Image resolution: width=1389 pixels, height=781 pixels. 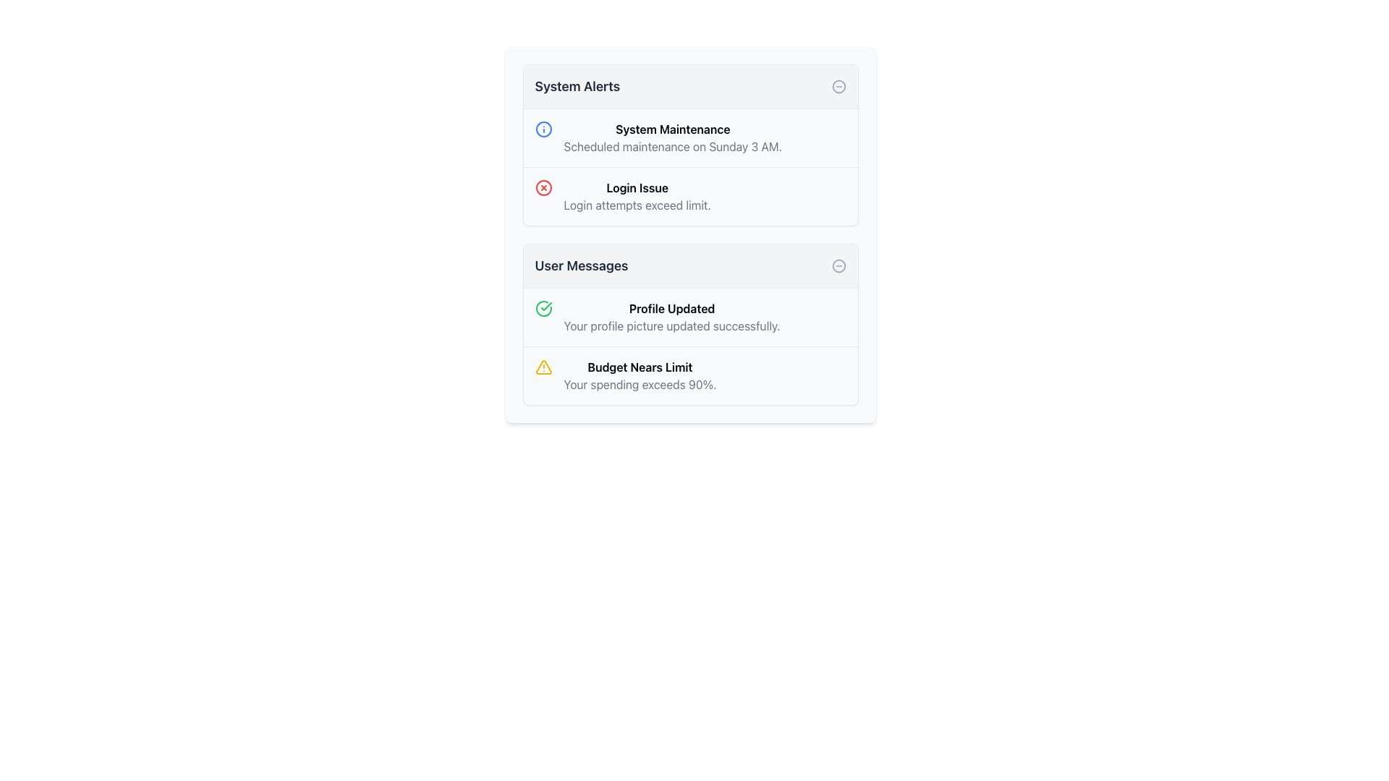 What do you see at coordinates (637, 197) in the screenshot?
I see `the second text-based notification in the 'System Alerts' section that indicates a login issue due to exceeded attempts` at bounding box center [637, 197].